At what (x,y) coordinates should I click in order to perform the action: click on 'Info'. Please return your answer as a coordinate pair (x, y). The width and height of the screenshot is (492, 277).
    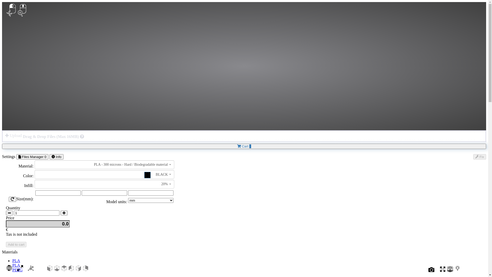
    Looking at the image, I should click on (56, 156).